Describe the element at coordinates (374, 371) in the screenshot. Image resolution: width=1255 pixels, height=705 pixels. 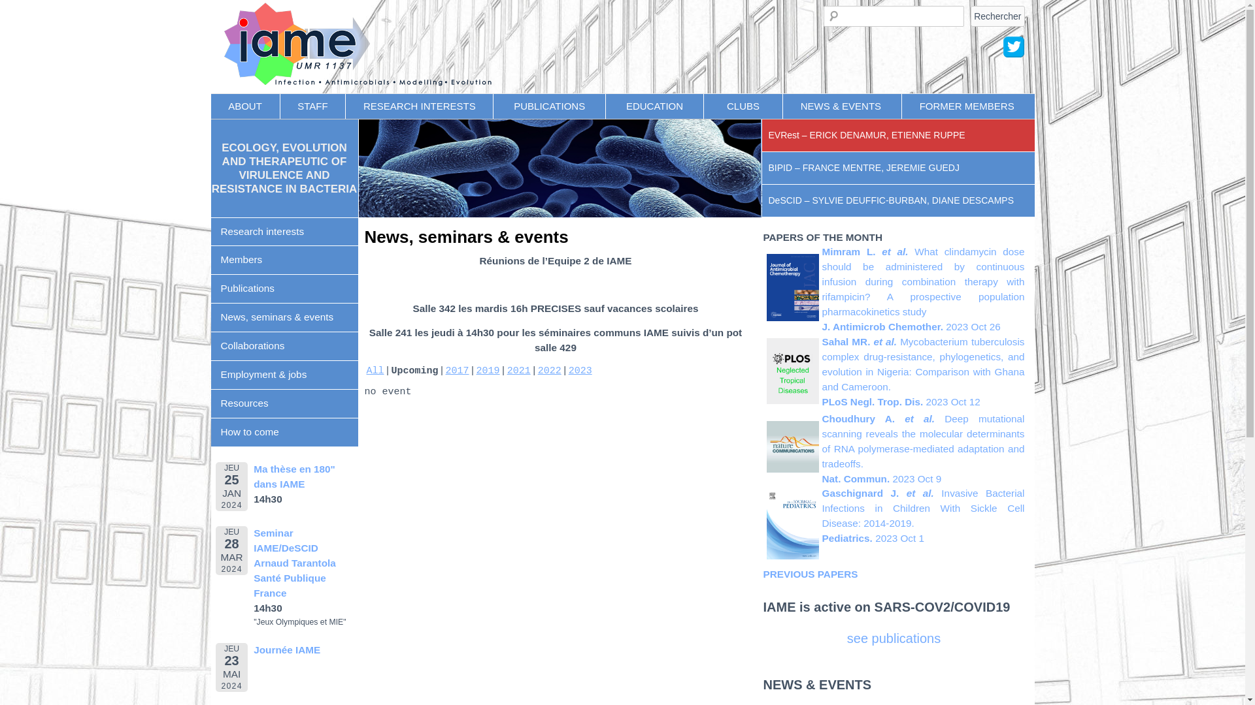
I see `'All'` at that location.